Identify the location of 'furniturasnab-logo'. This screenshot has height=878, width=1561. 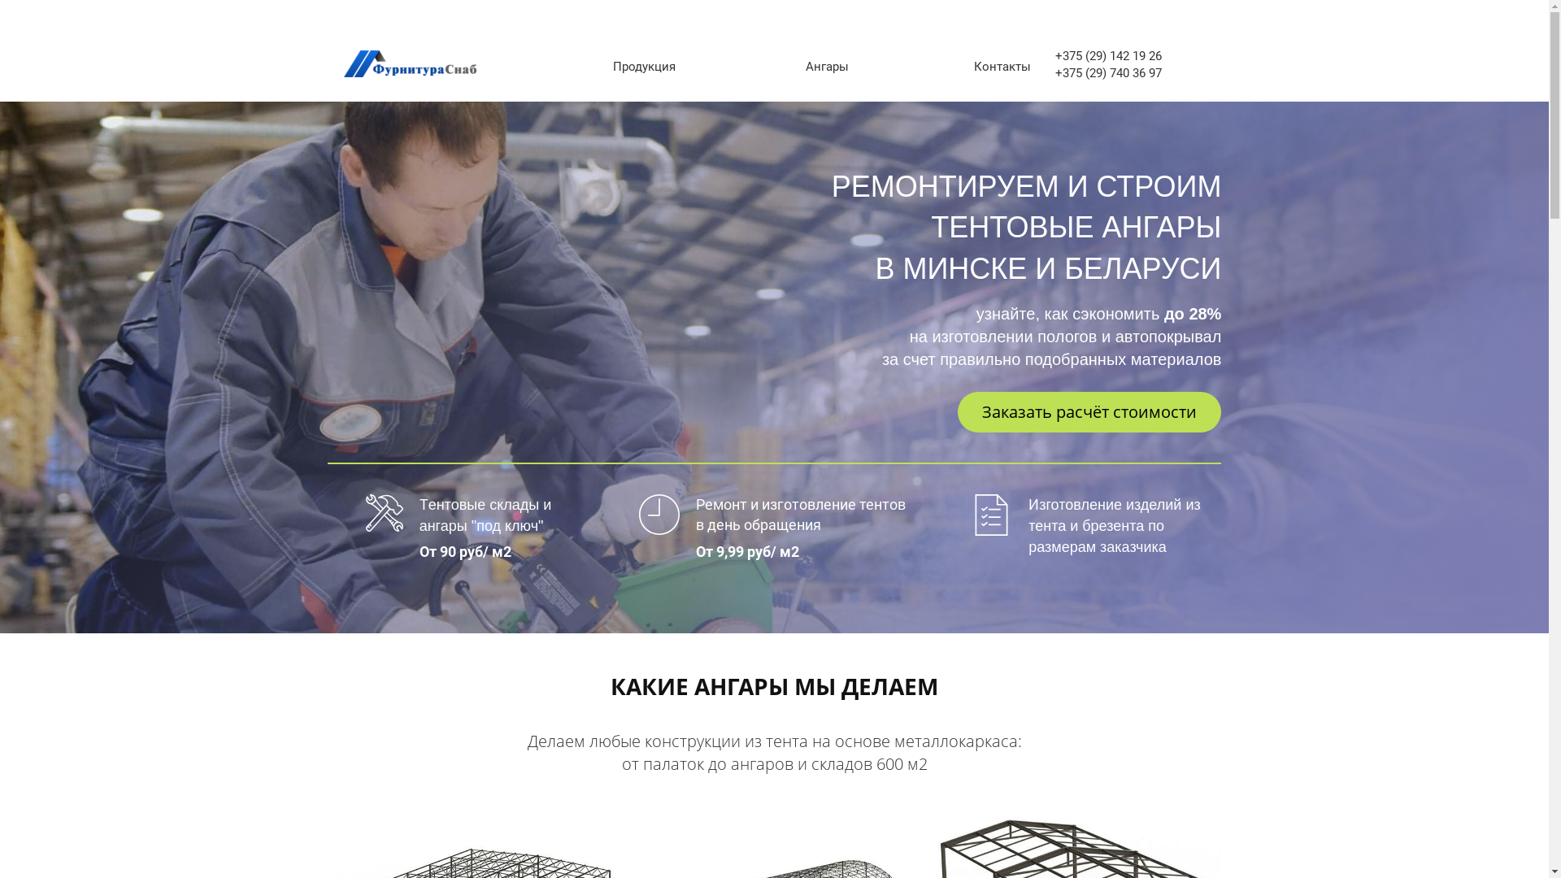
(342, 63).